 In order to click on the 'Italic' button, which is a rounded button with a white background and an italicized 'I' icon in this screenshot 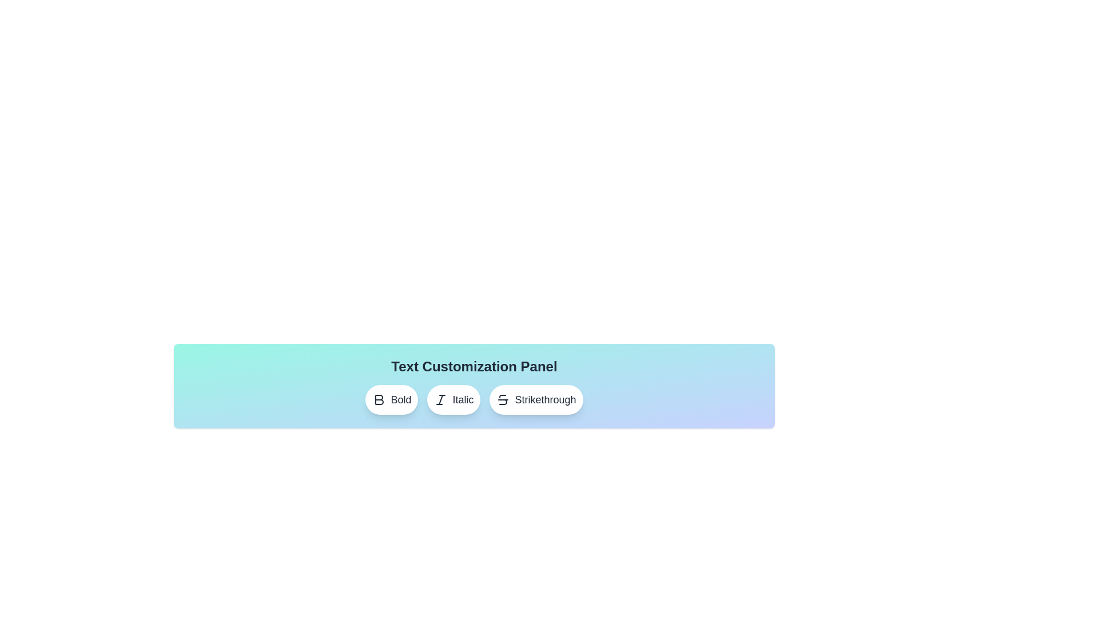, I will do `click(453, 399)`.